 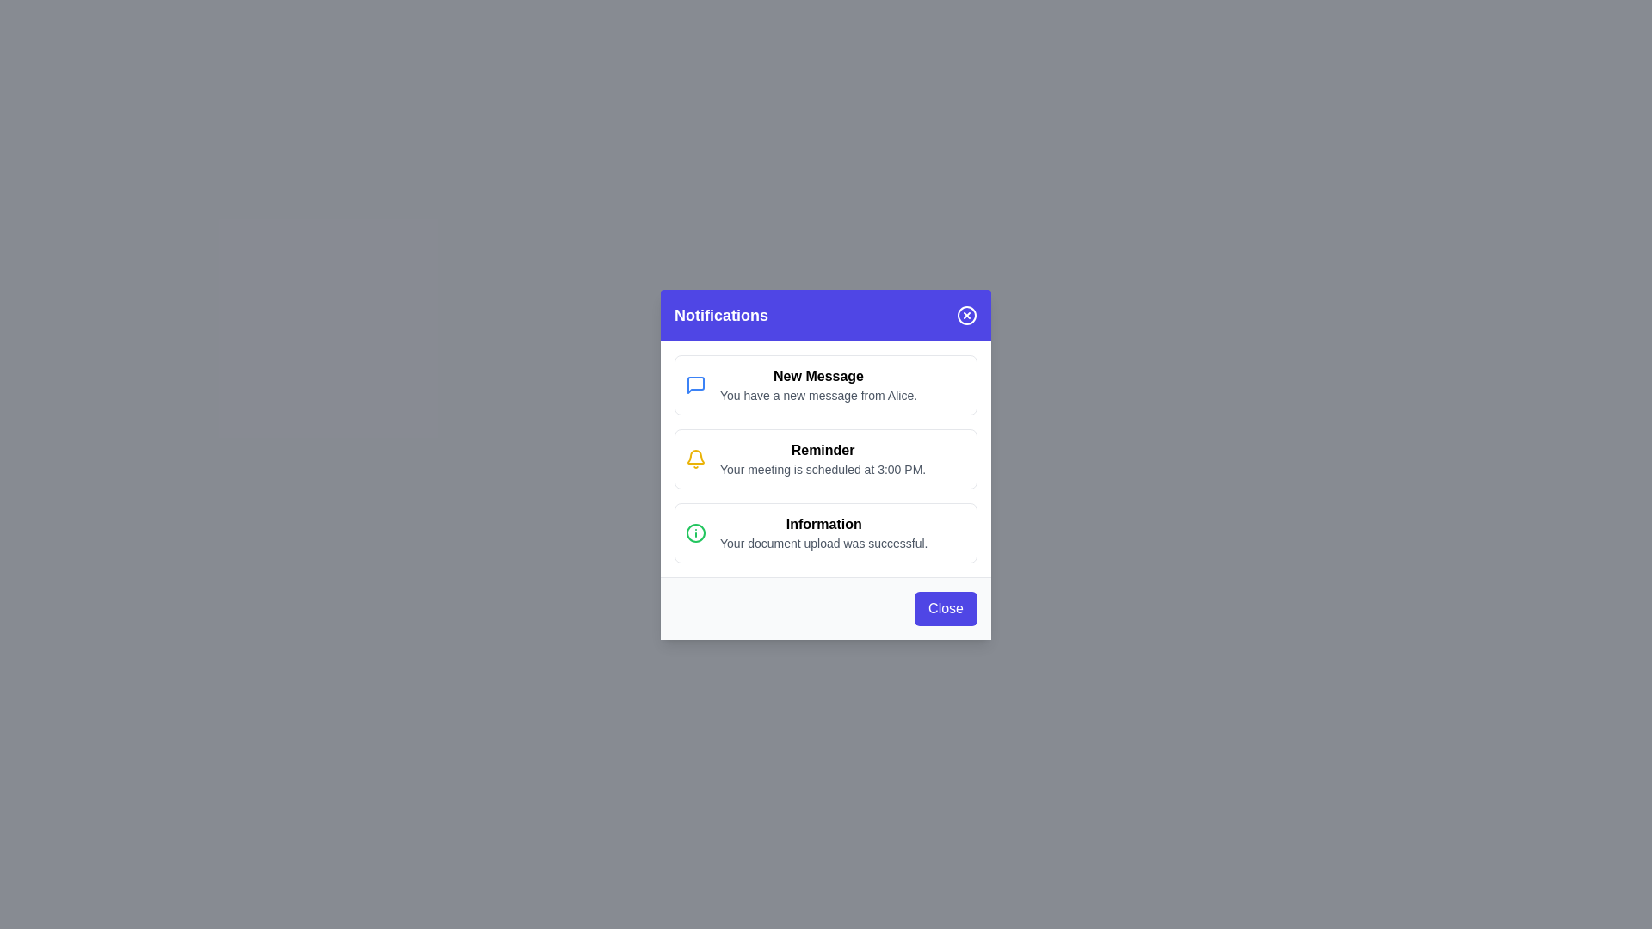 What do you see at coordinates (966, 315) in the screenshot?
I see `the close icon at the top-right corner of the notification dialog` at bounding box center [966, 315].